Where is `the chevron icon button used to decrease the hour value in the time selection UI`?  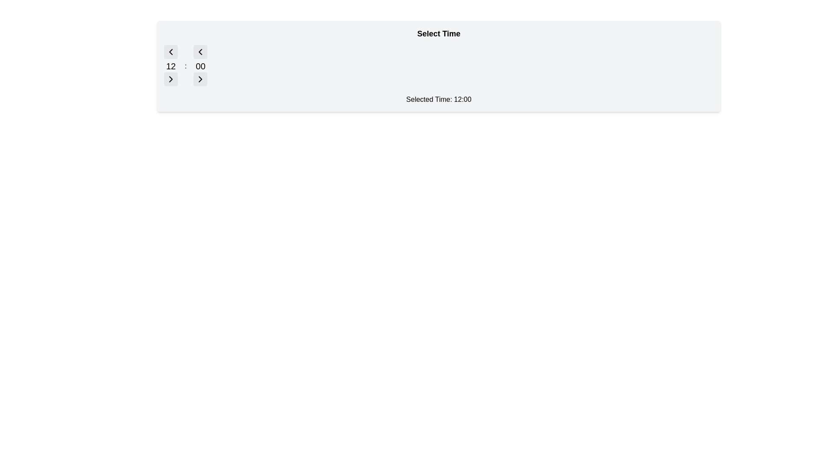 the chevron icon button used to decrease the hour value in the time selection UI is located at coordinates (171, 79).